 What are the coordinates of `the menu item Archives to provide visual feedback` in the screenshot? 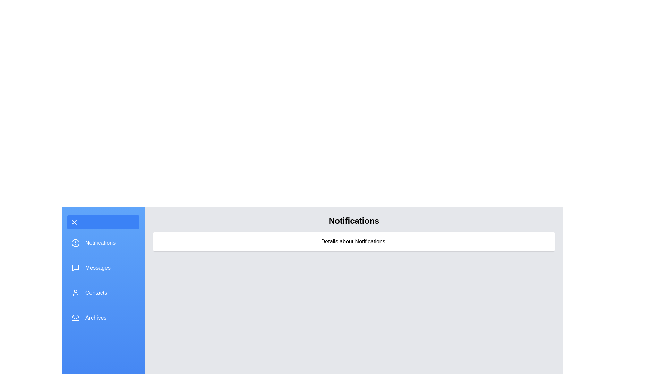 It's located at (103, 318).